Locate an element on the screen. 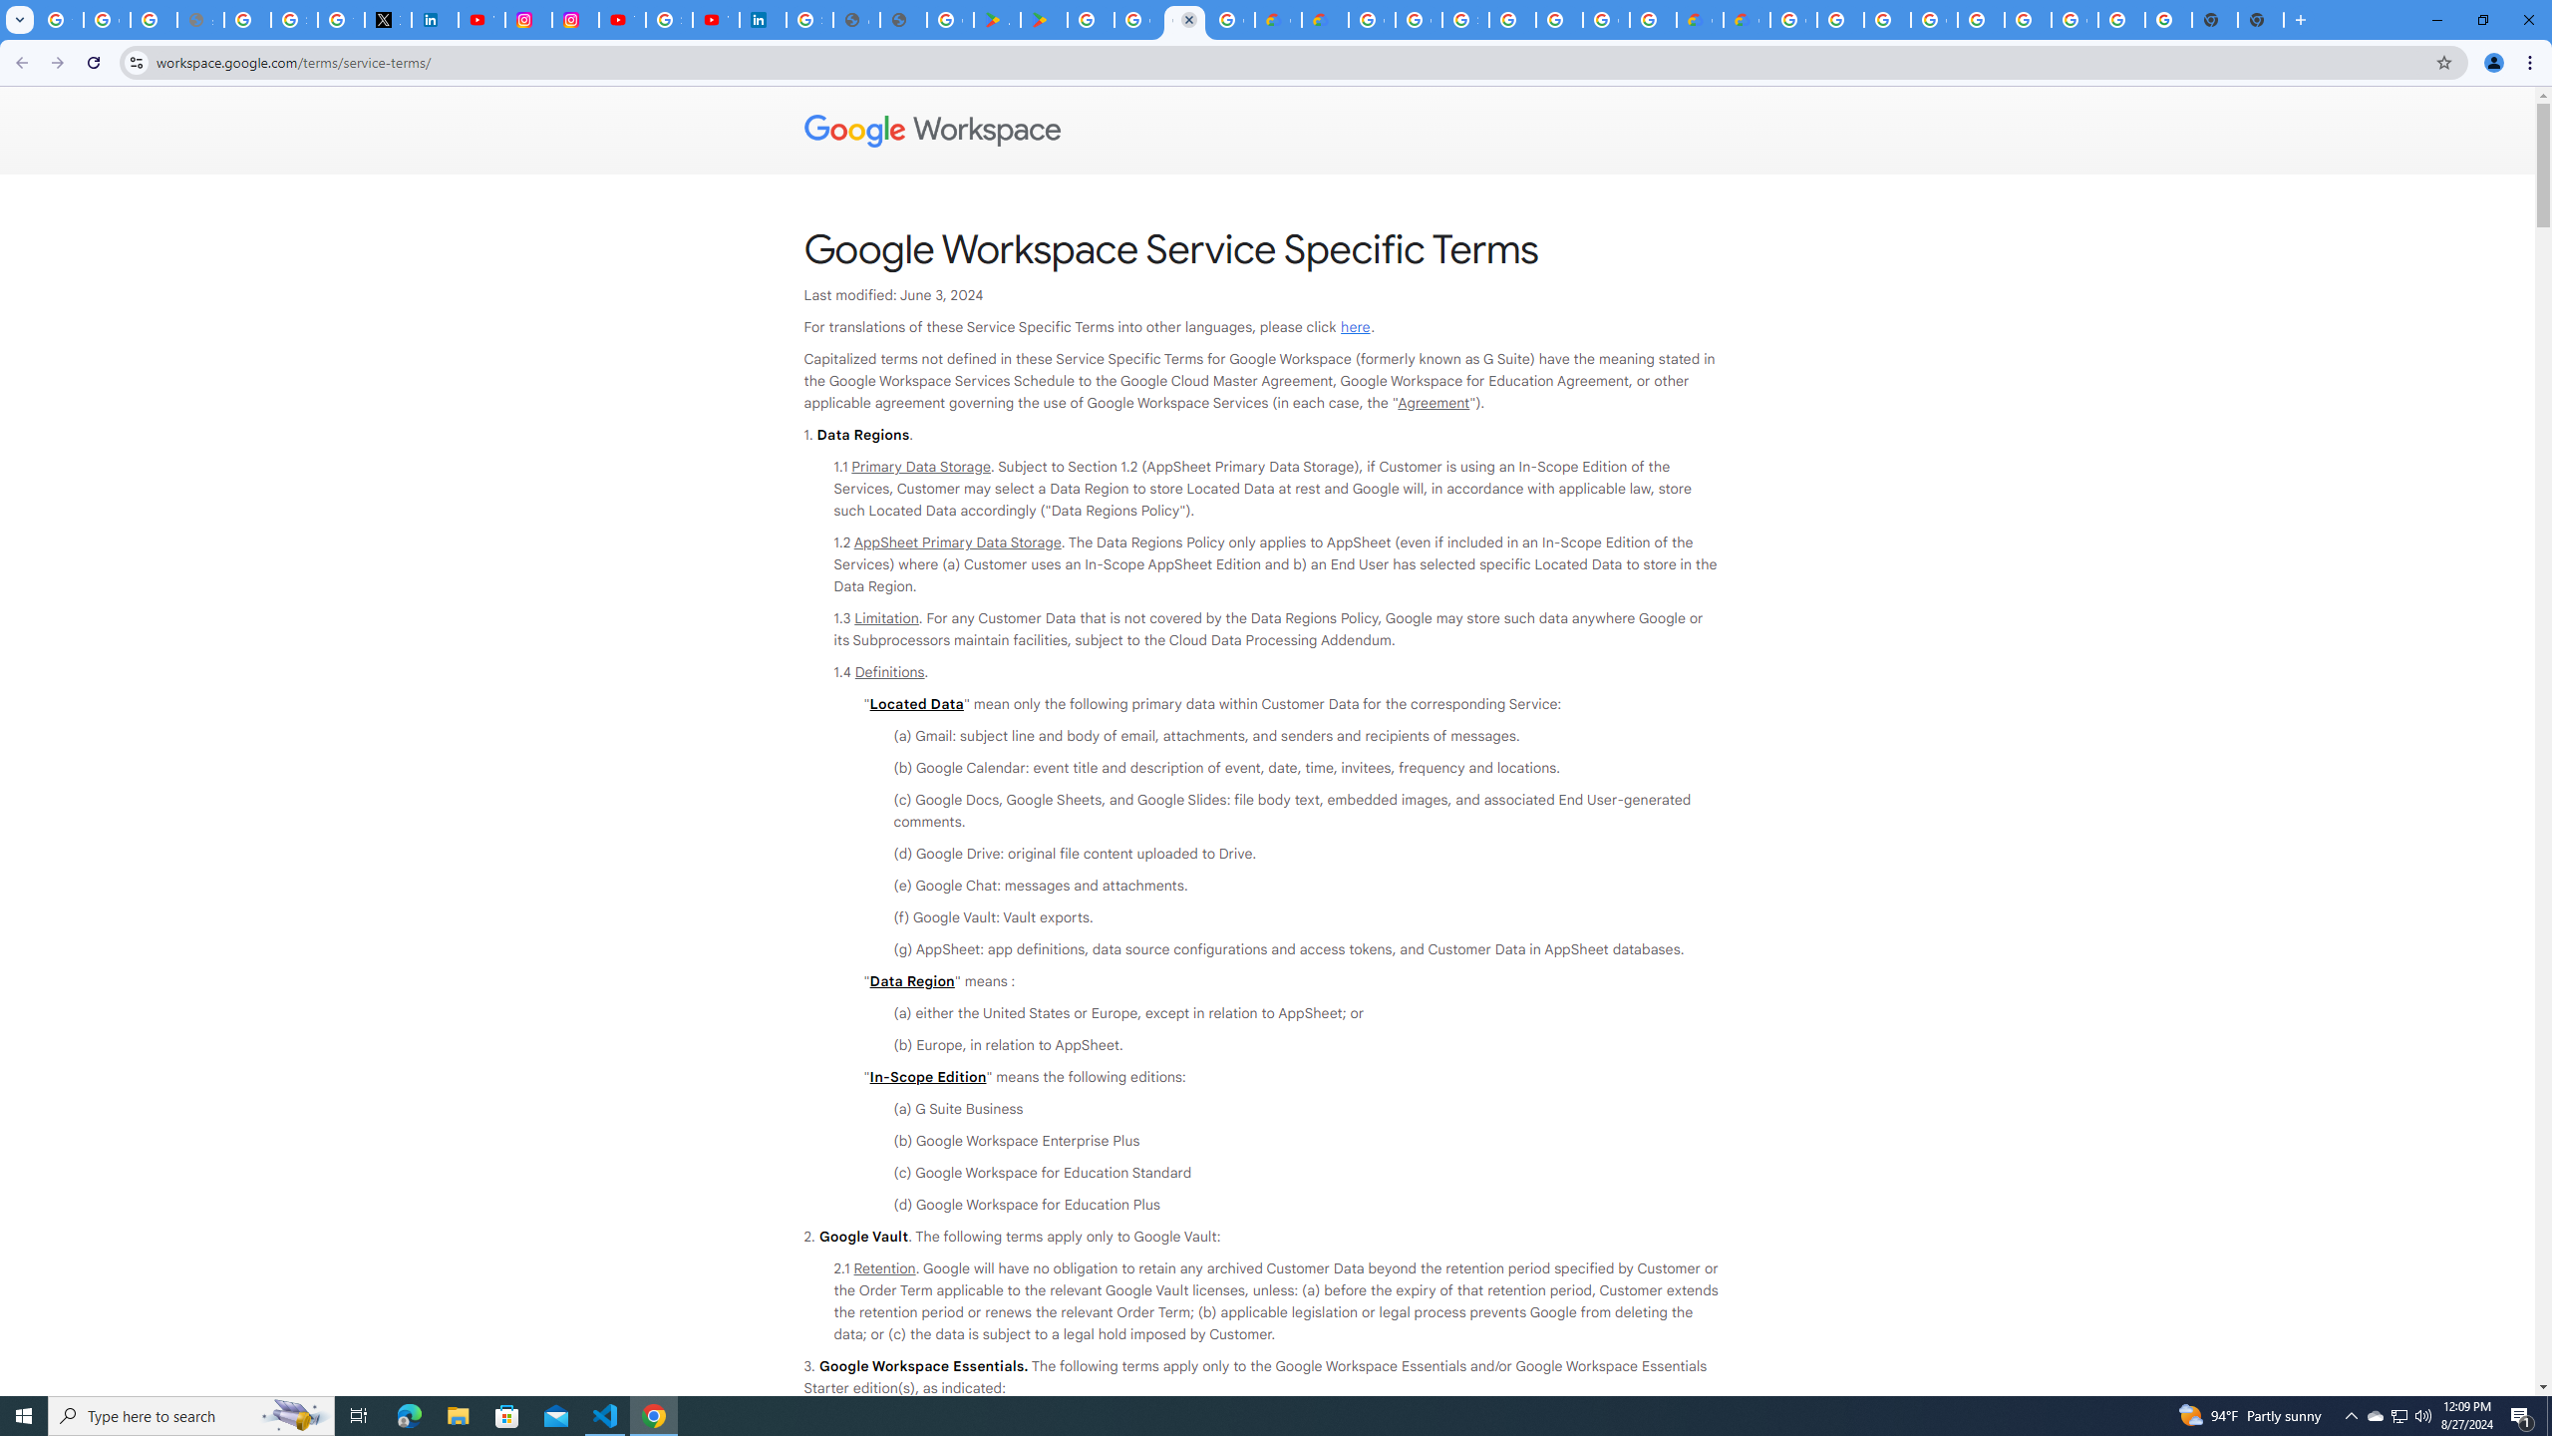 The height and width of the screenshot is (1436, 2552). 'YouTube Content Monetization Policies - How YouTube Works' is located at coordinates (480, 19).